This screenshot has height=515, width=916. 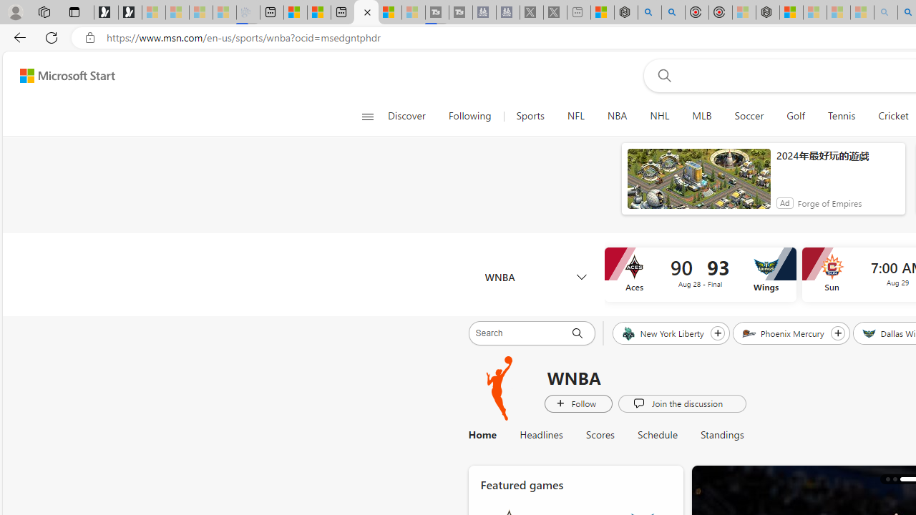 I want to click on 'MLB', so click(x=701, y=116).